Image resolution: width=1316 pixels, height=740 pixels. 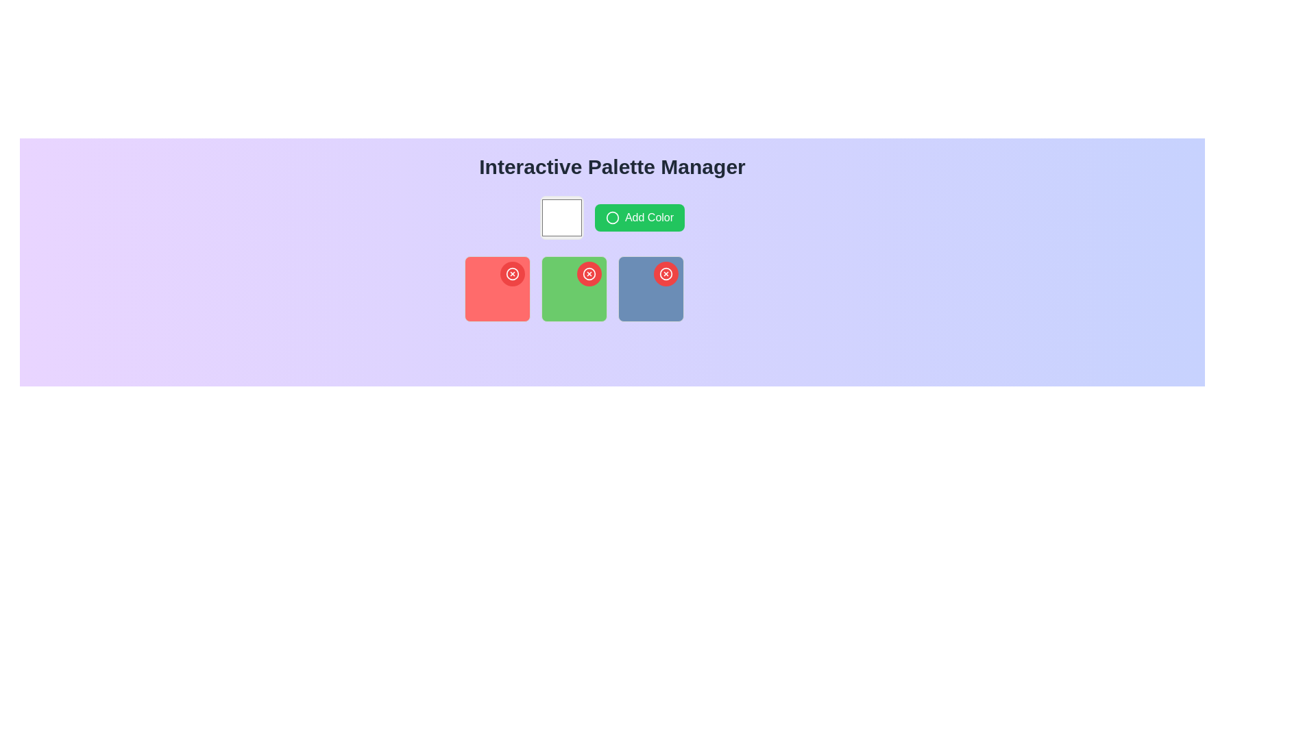 What do you see at coordinates (666, 274) in the screenshot?
I see `the circular delete or cancel button located at the top-right corner of the red square within the SVG icon` at bounding box center [666, 274].